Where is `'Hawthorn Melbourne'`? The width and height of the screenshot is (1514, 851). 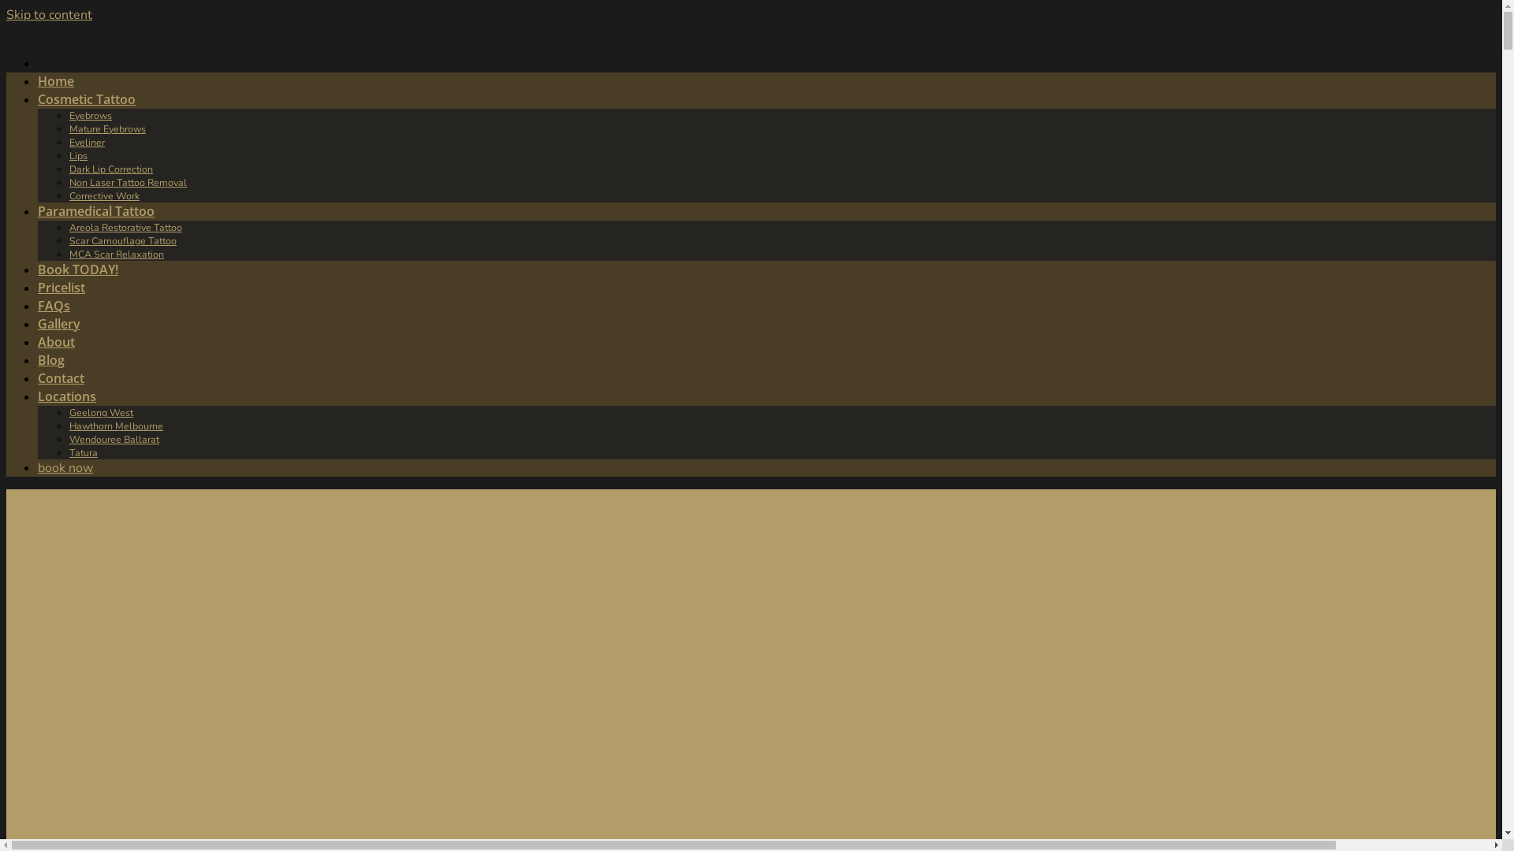
'Hawthorn Melbourne' is located at coordinates (115, 425).